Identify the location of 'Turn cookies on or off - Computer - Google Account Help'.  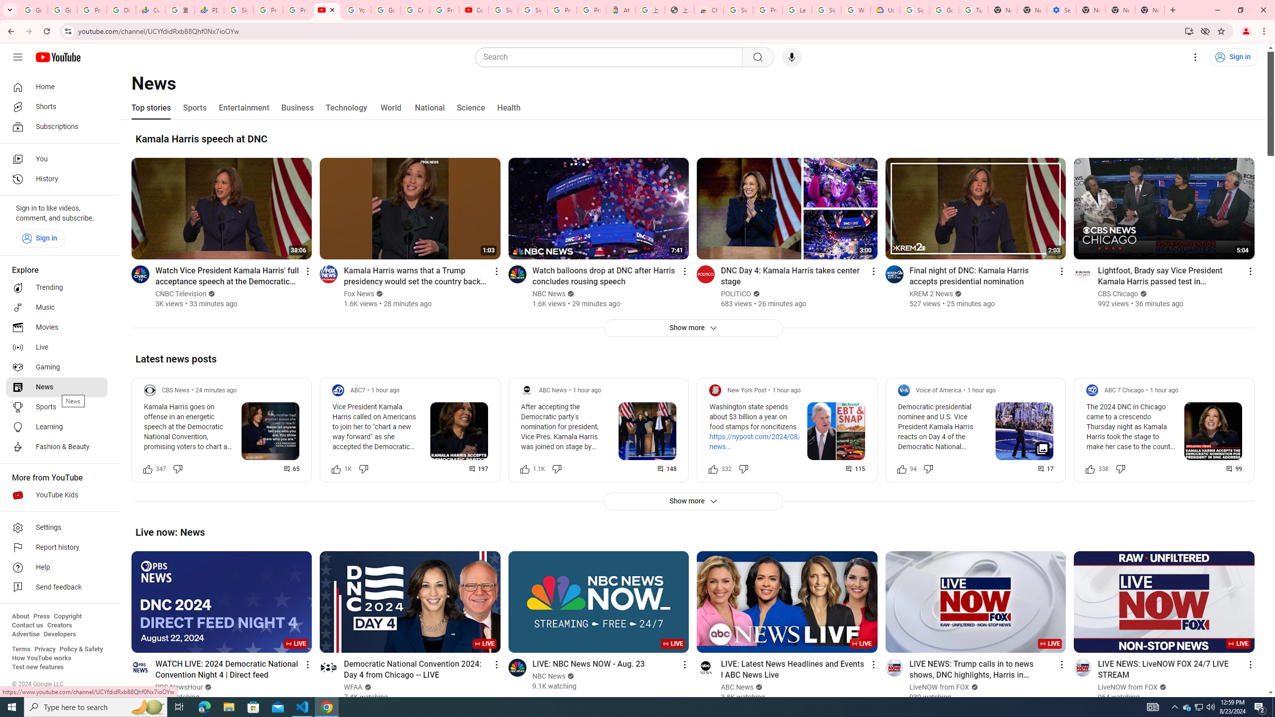
(973, 9).